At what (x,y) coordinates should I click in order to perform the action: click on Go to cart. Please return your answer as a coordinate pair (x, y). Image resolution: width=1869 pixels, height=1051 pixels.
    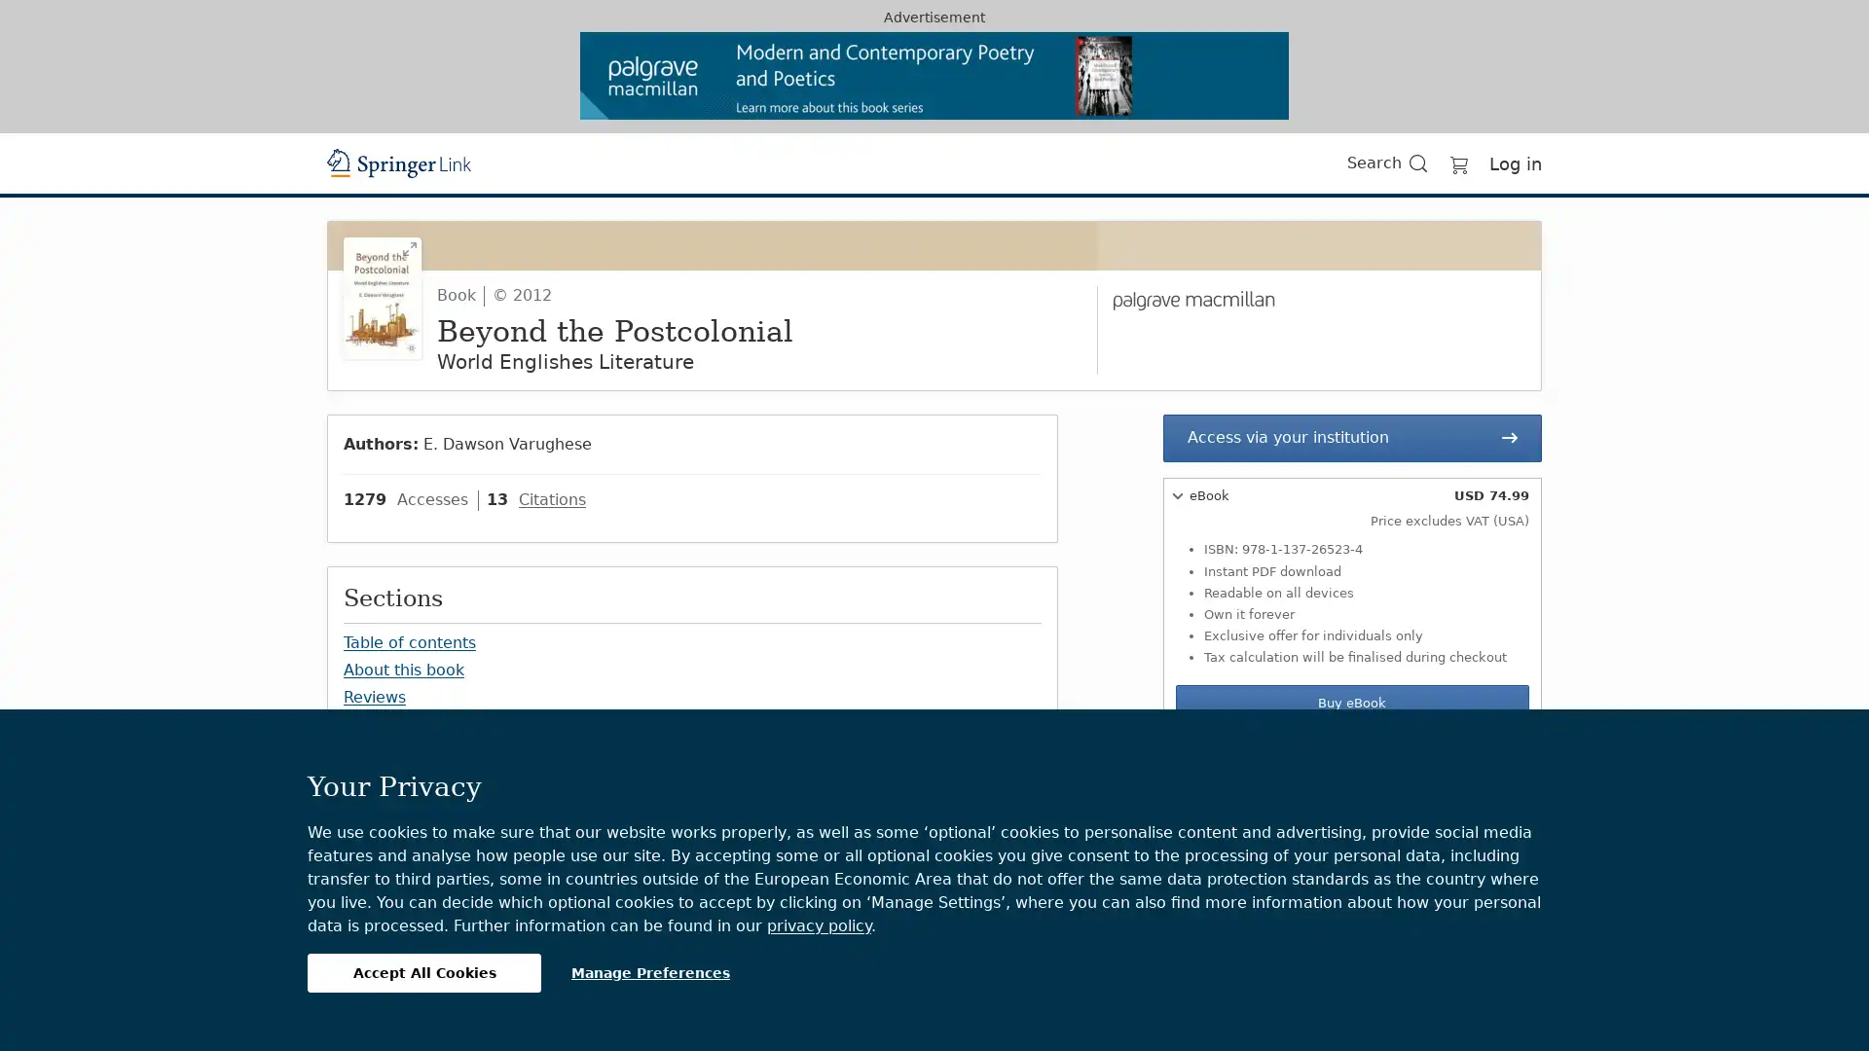
    Looking at the image, I should click on (1458, 162).